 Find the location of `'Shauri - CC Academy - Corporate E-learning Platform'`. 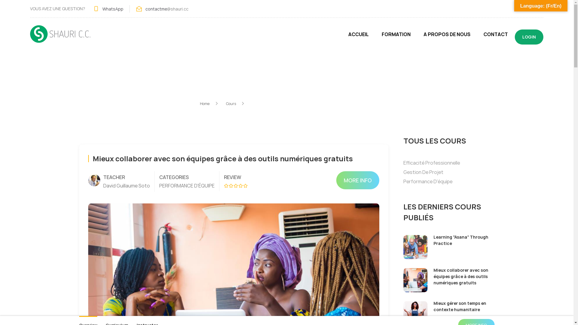

'Shauri - CC Academy - Corporate E-learning Platform' is located at coordinates (60, 37).